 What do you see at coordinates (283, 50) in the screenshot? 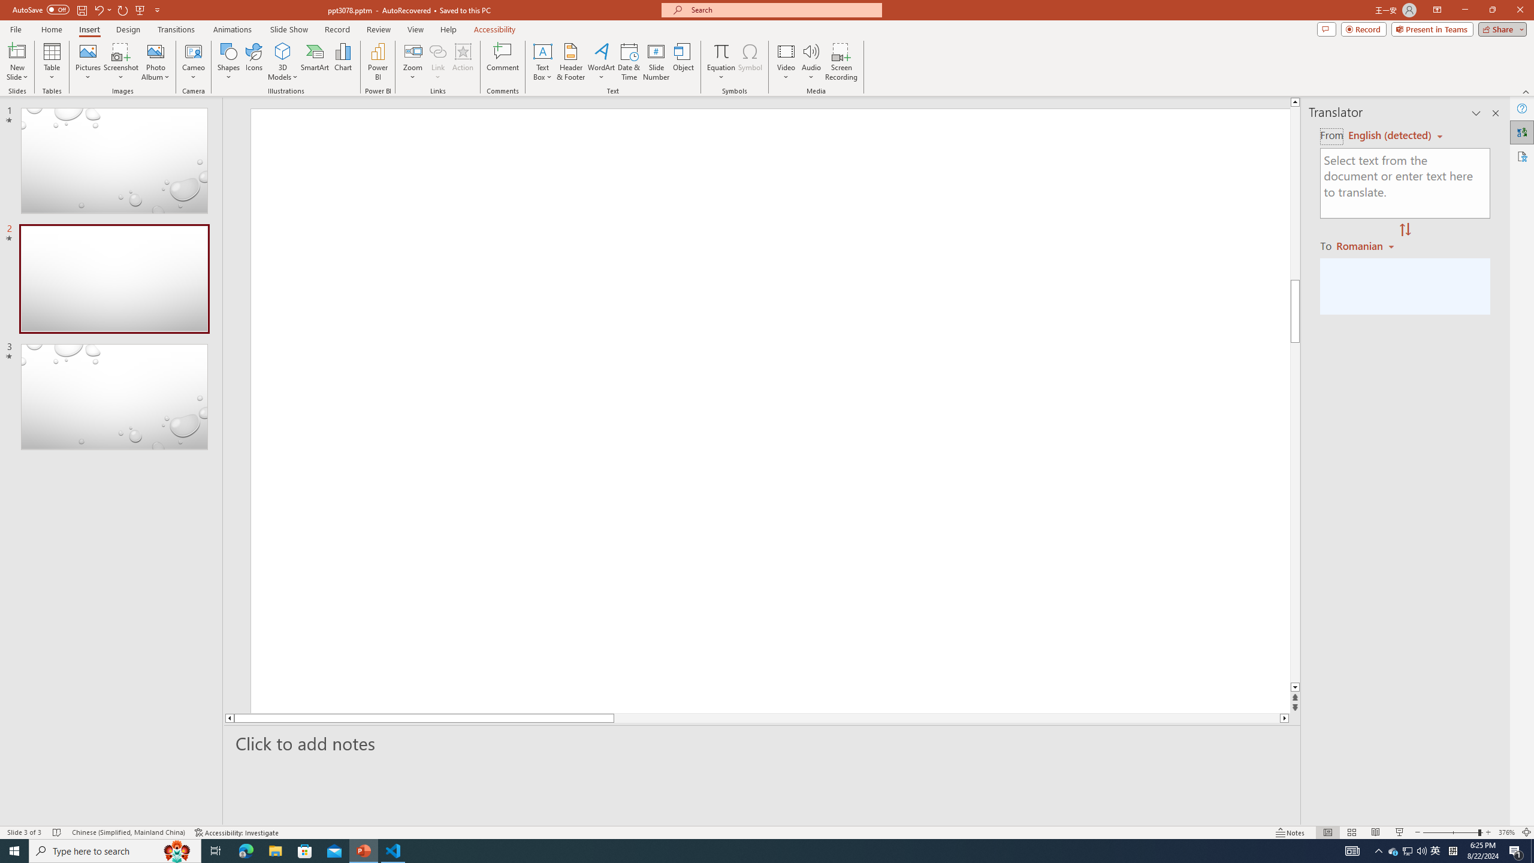
I see `'3D Models'` at bounding box center [283, 50].